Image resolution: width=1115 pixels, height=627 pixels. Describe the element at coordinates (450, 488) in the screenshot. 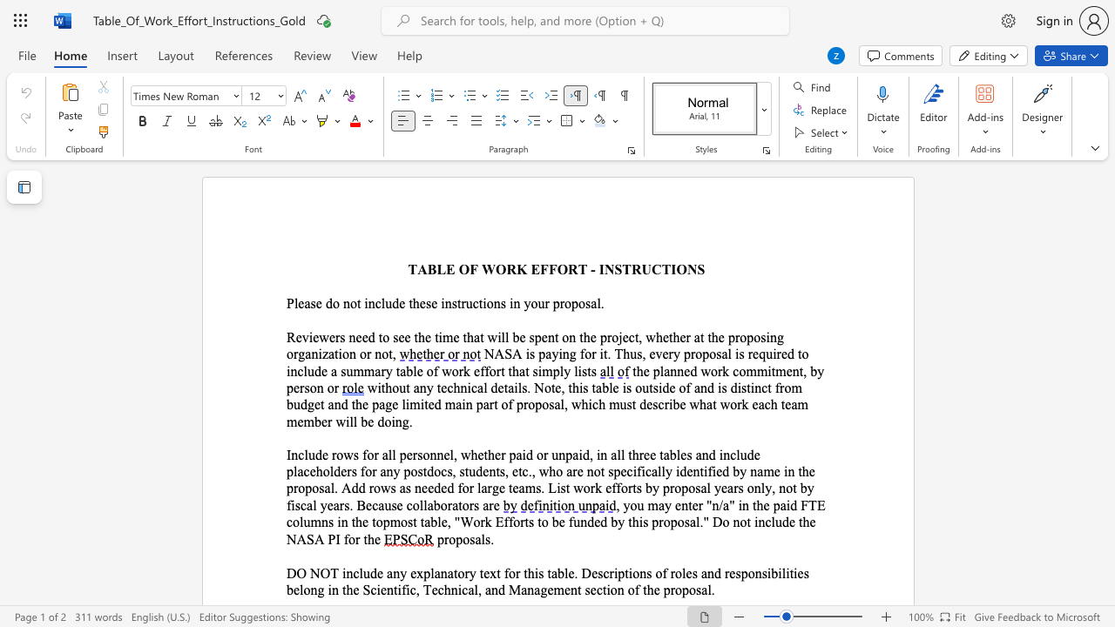

I see `the 4th character "d" in the text` at that location.